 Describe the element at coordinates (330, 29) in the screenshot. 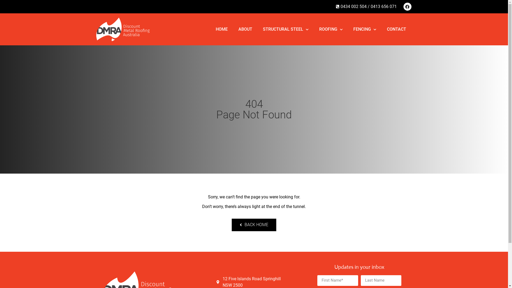

I see `'ROOFING'` at that location.